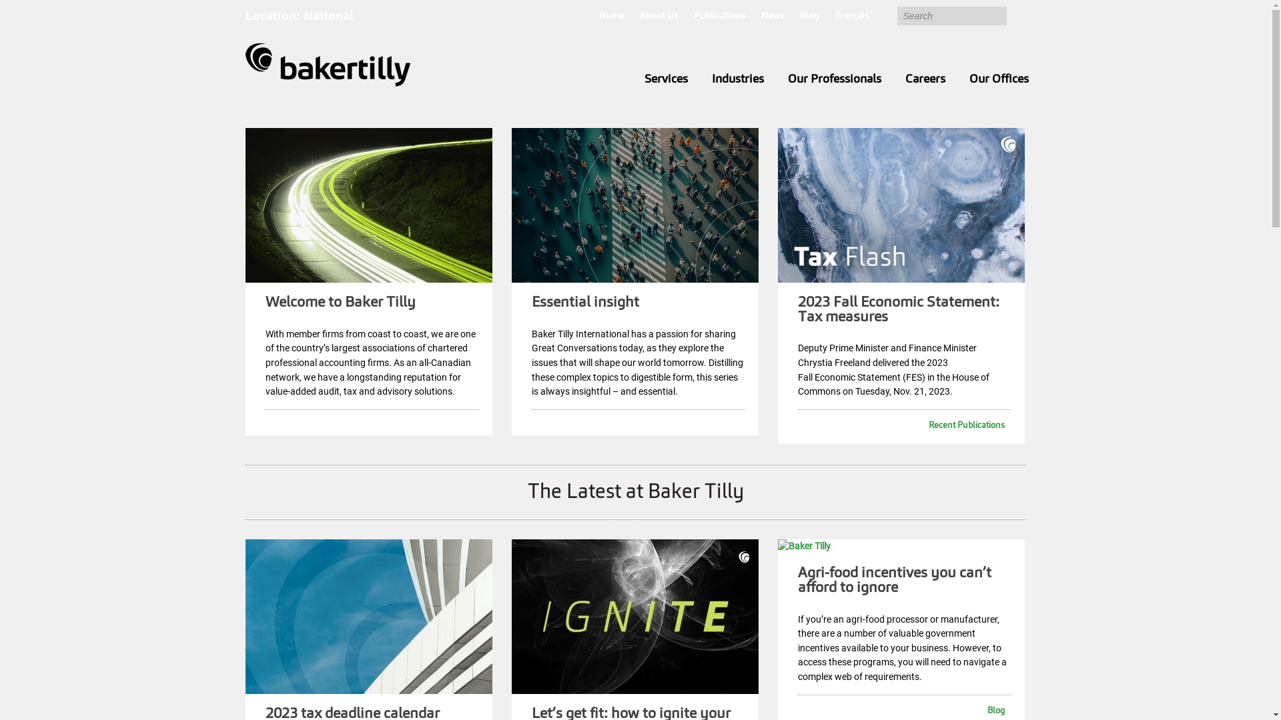  What do you see at coordinates (719, 17) in the screenshot?
I see `'Publications'` at bounding box center [719, 17].